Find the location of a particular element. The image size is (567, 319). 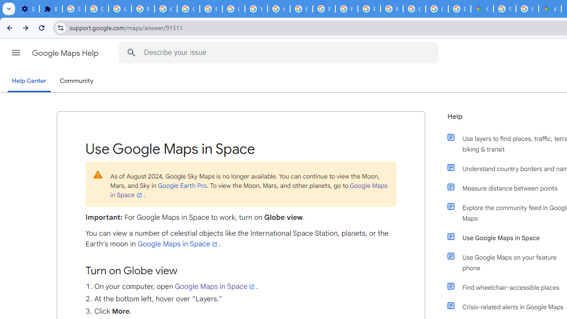

'Main menu' is located at coordinates (16, 53).